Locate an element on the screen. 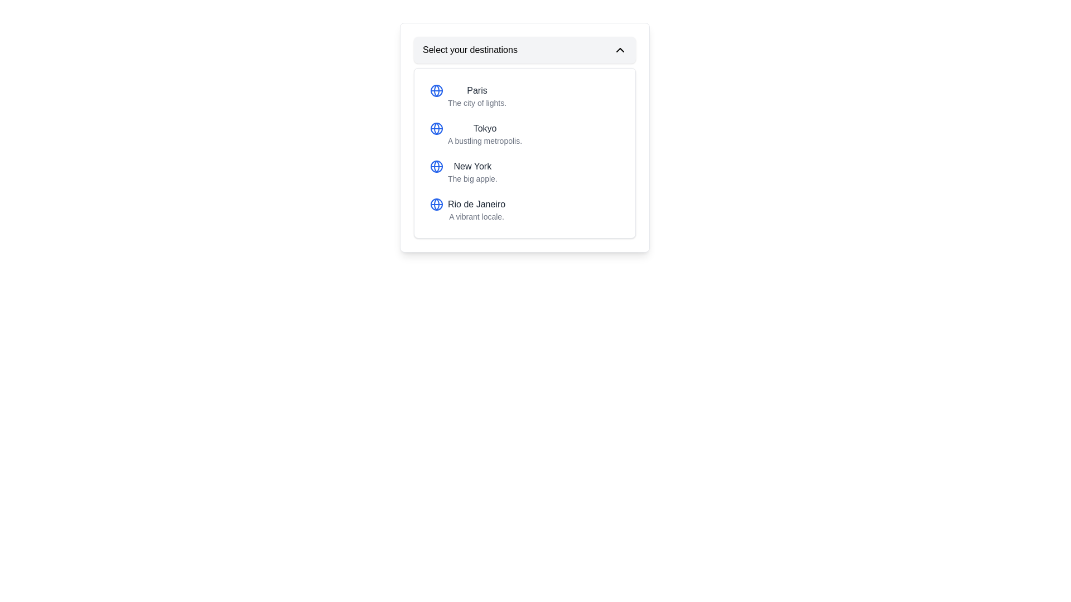 The image size is (1071, 602). the SVG circle representing 'New York' by selecting the associated item indirectly is located at coordinates (436, 167).